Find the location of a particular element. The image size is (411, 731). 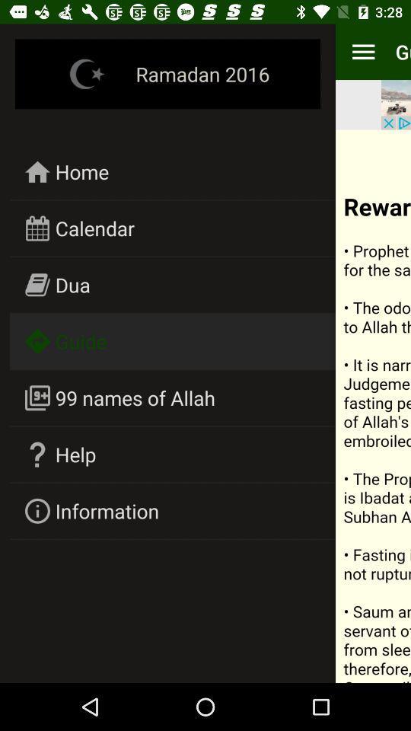

advertisement is located at coordinates (396, 104).